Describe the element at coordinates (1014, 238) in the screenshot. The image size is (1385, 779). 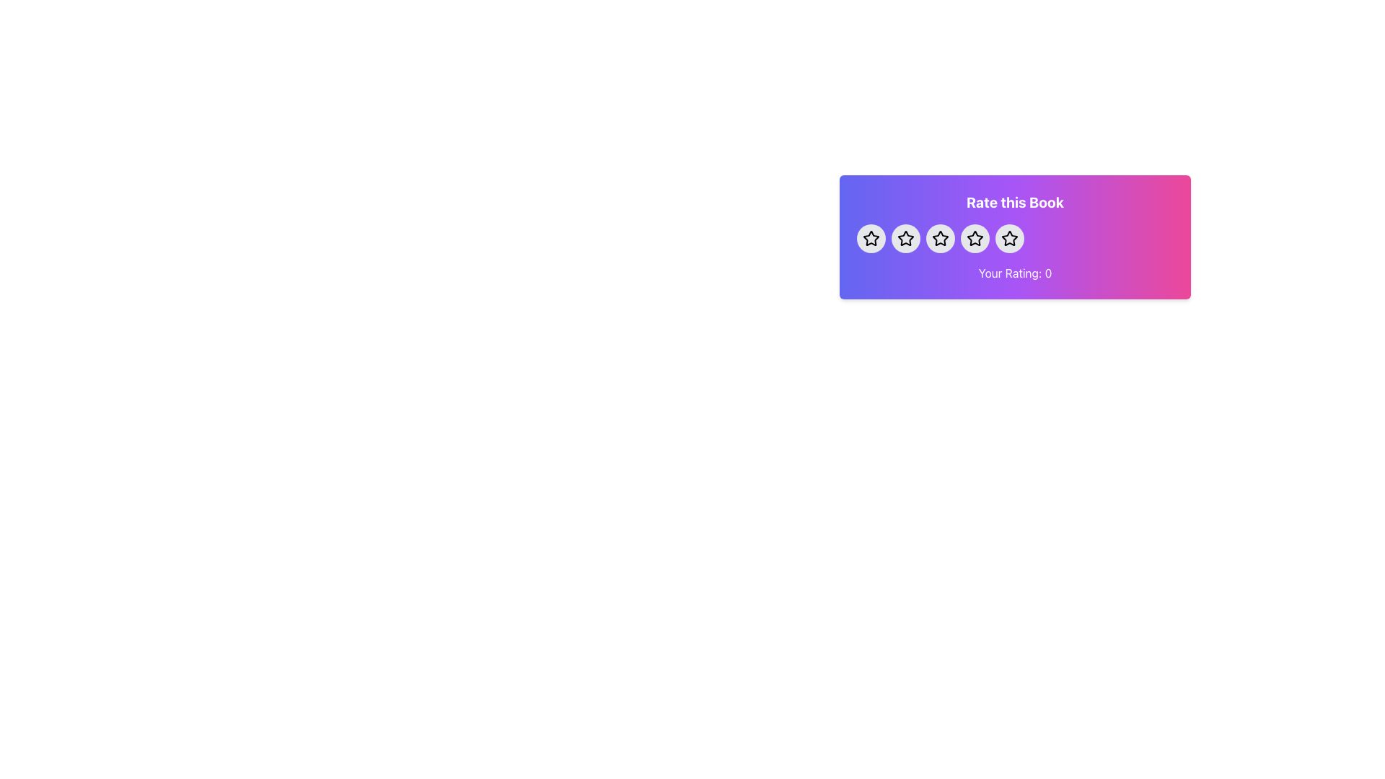
I see `the interactive star rating component positioned below the 'Rate this Book.' text` at that location.